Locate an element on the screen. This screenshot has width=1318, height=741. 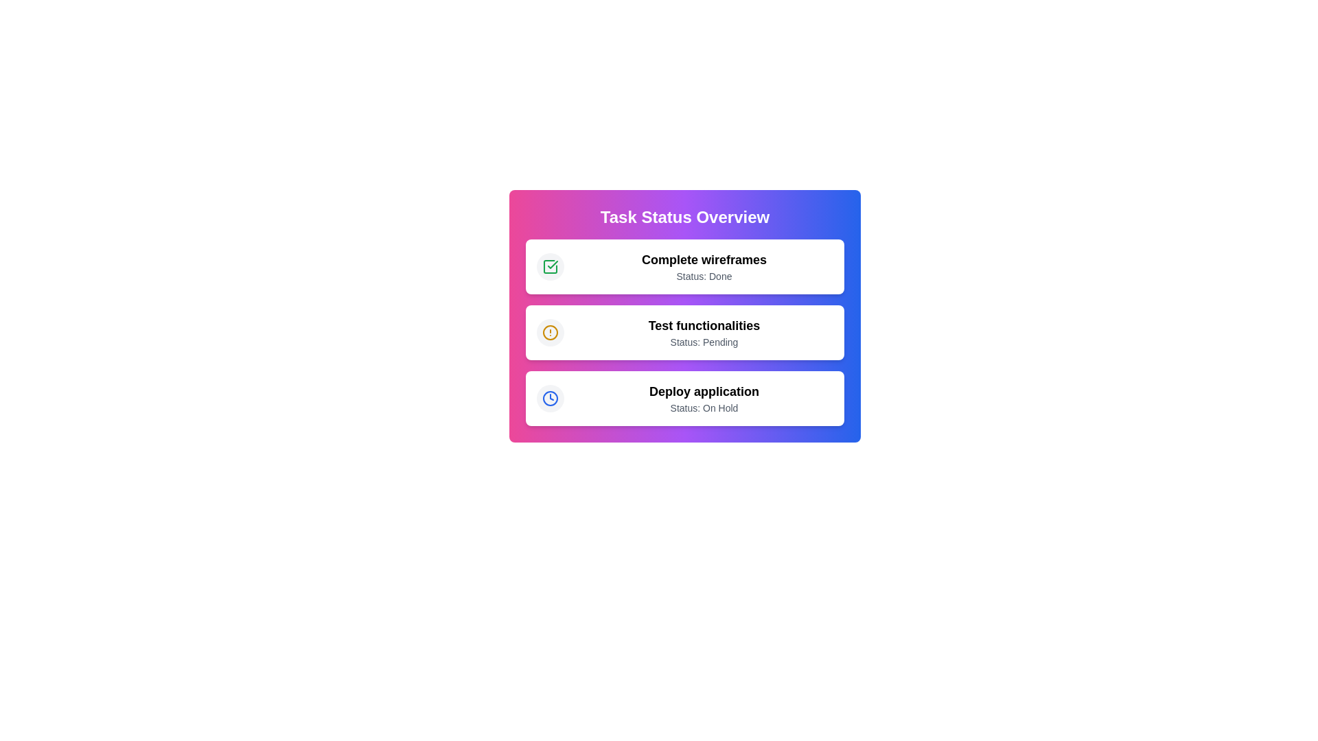
the task 'Complete wireframes' from the list to highlight it is located at coordinates (685, 267).